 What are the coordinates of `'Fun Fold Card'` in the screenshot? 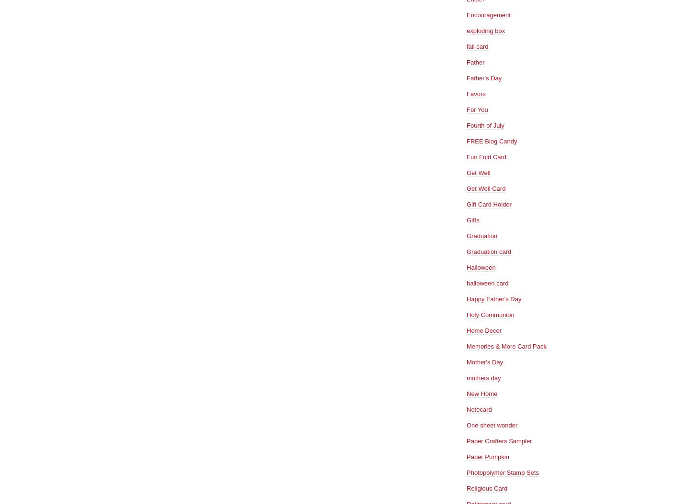 It's located at (466, 156).